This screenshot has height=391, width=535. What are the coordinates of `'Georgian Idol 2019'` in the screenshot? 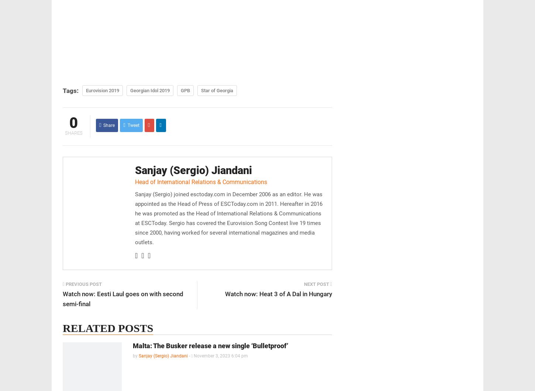 It's located at (149, 90).